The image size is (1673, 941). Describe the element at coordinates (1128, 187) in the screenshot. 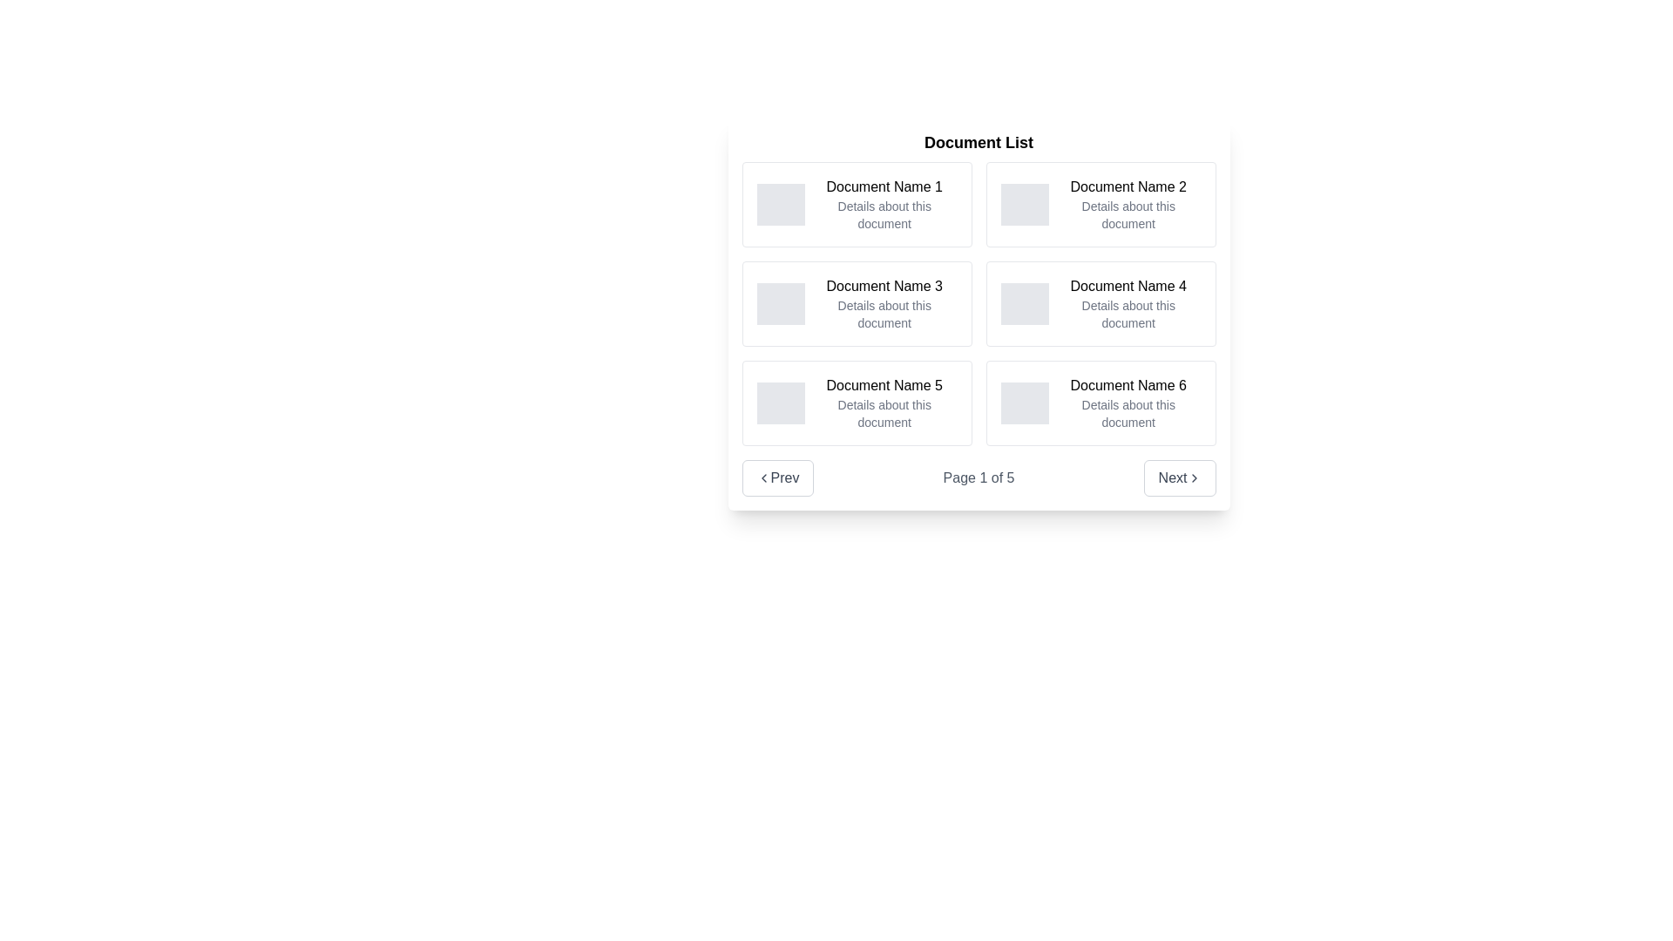

I see `the text label displaying the title 'Document Name 2', which is positioned as the main title in the second document card in a grid layout` at that location.